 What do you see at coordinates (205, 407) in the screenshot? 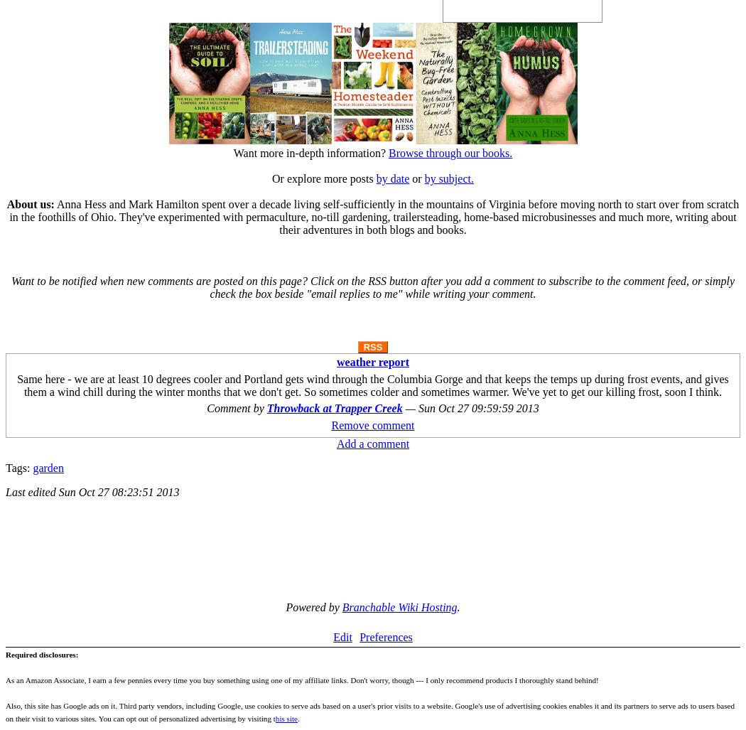
I see `'Comment by'` at bounding box center [205, 407].